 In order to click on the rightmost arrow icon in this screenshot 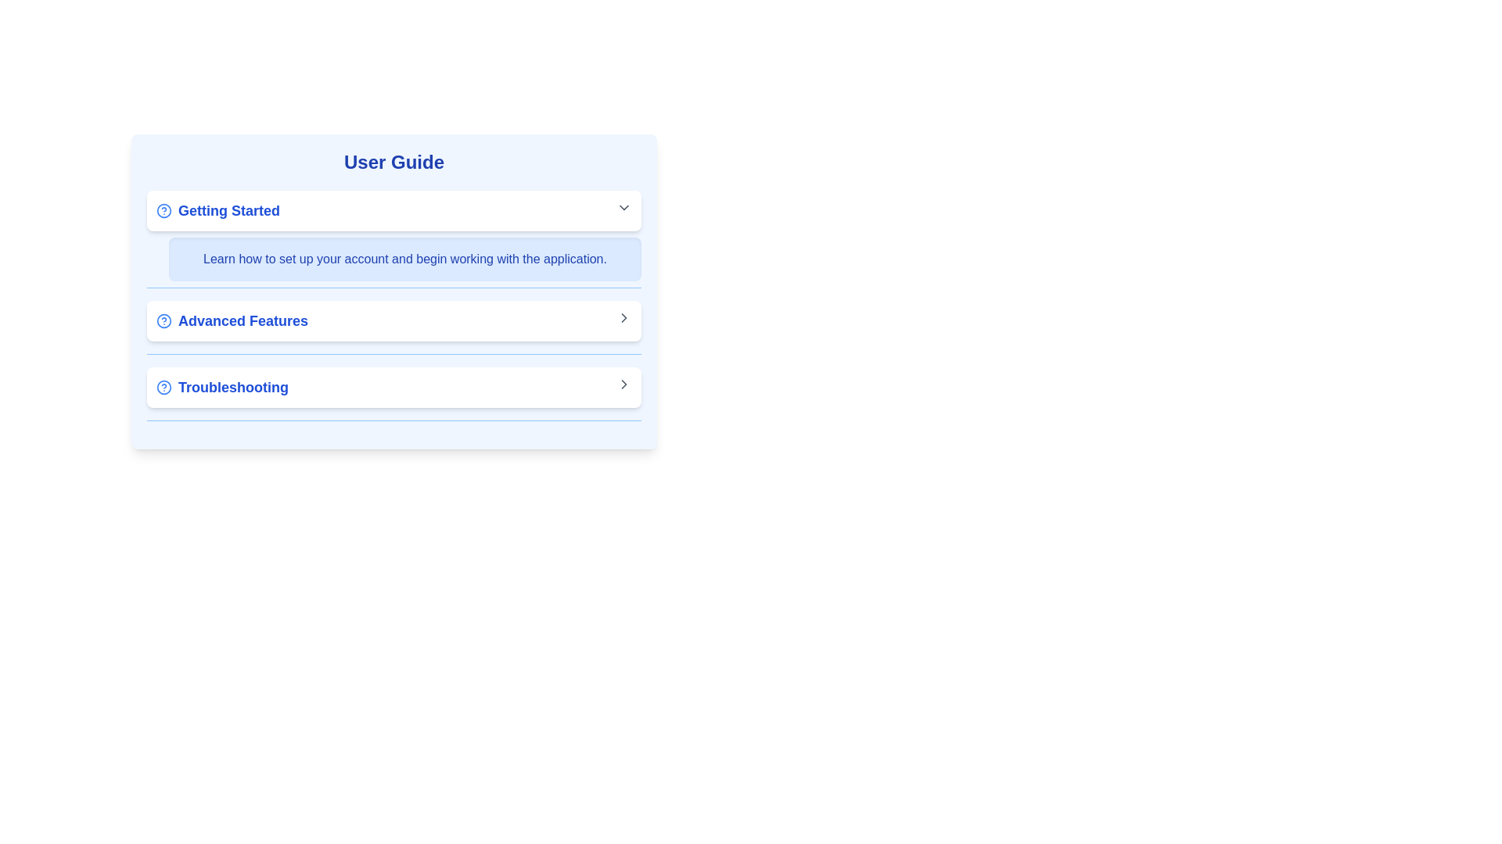, I will do `click(623, 384)`.